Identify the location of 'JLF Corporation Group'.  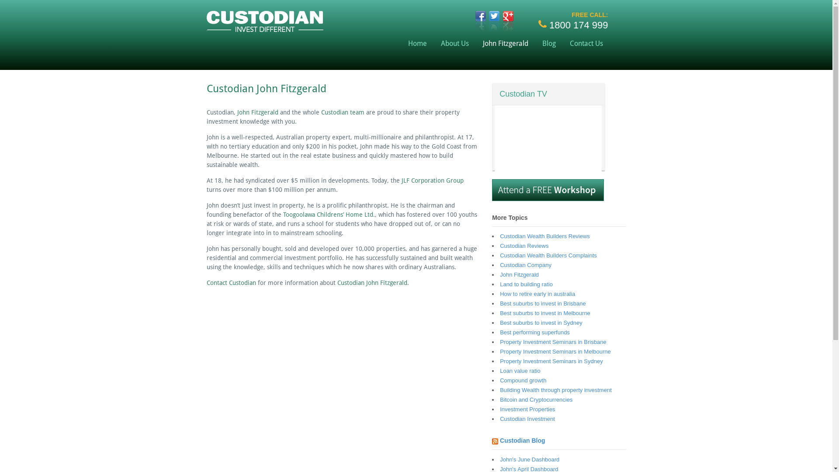
(432, 180).